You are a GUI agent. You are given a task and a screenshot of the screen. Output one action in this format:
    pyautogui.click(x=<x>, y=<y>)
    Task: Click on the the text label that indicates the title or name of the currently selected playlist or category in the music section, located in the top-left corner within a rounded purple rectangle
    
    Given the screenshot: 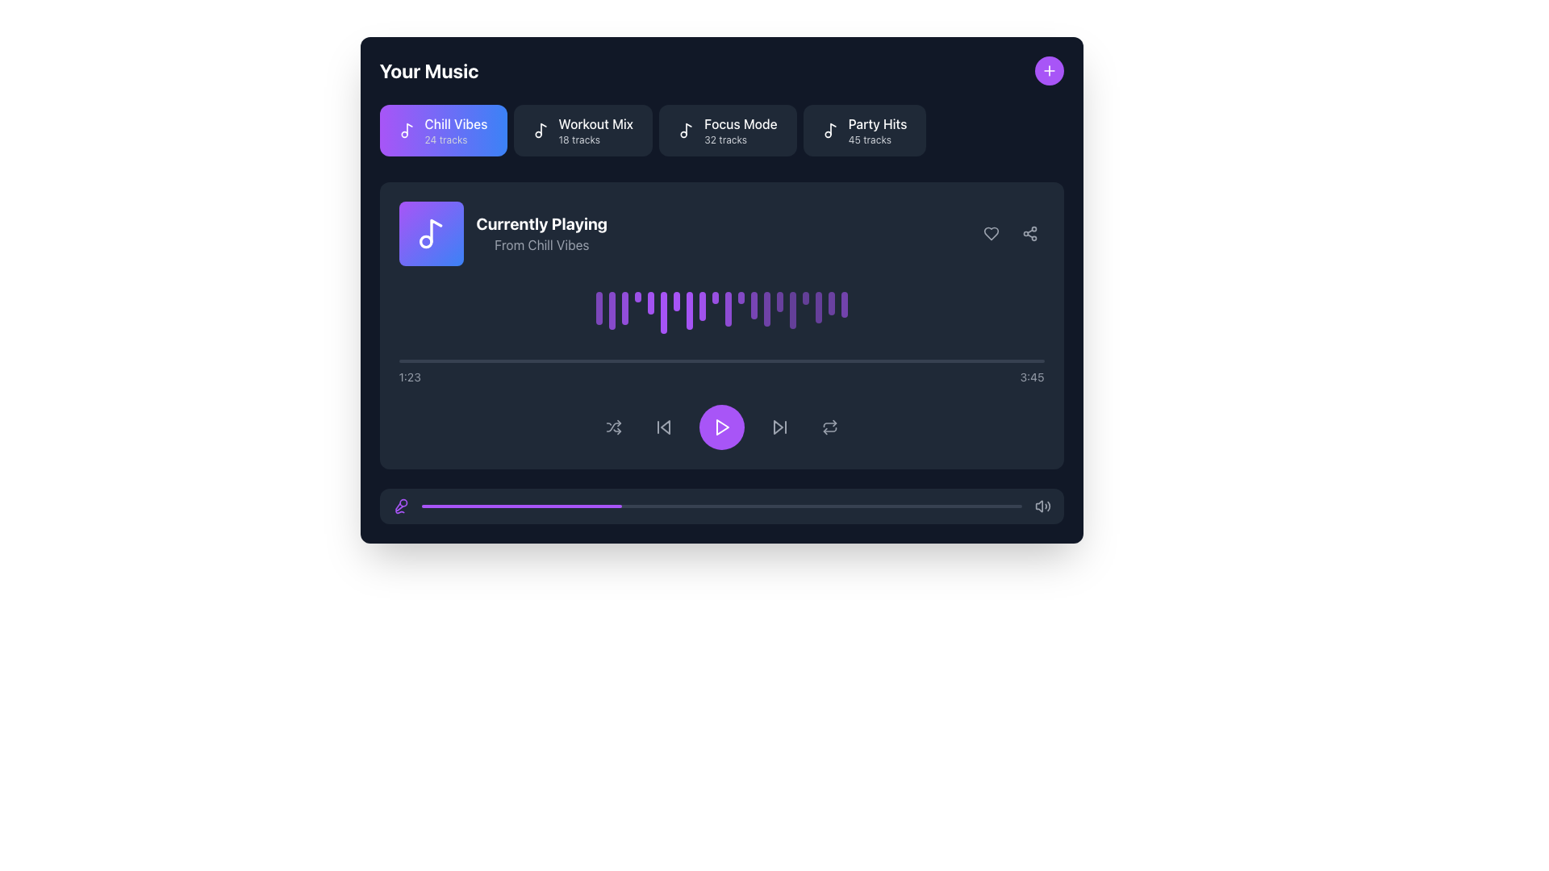 What is the action you would take?
    pyautogui.click(x=455, y=123)
    